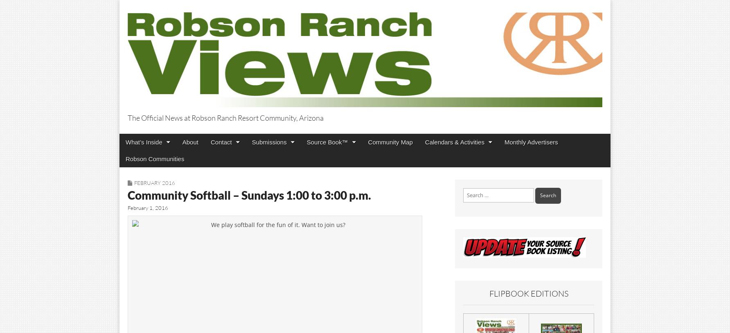  What do you see at coordinates (504, 142) in the screenshot?
I see `'Monthly Advertisers'` at bounding box center [504, 142].